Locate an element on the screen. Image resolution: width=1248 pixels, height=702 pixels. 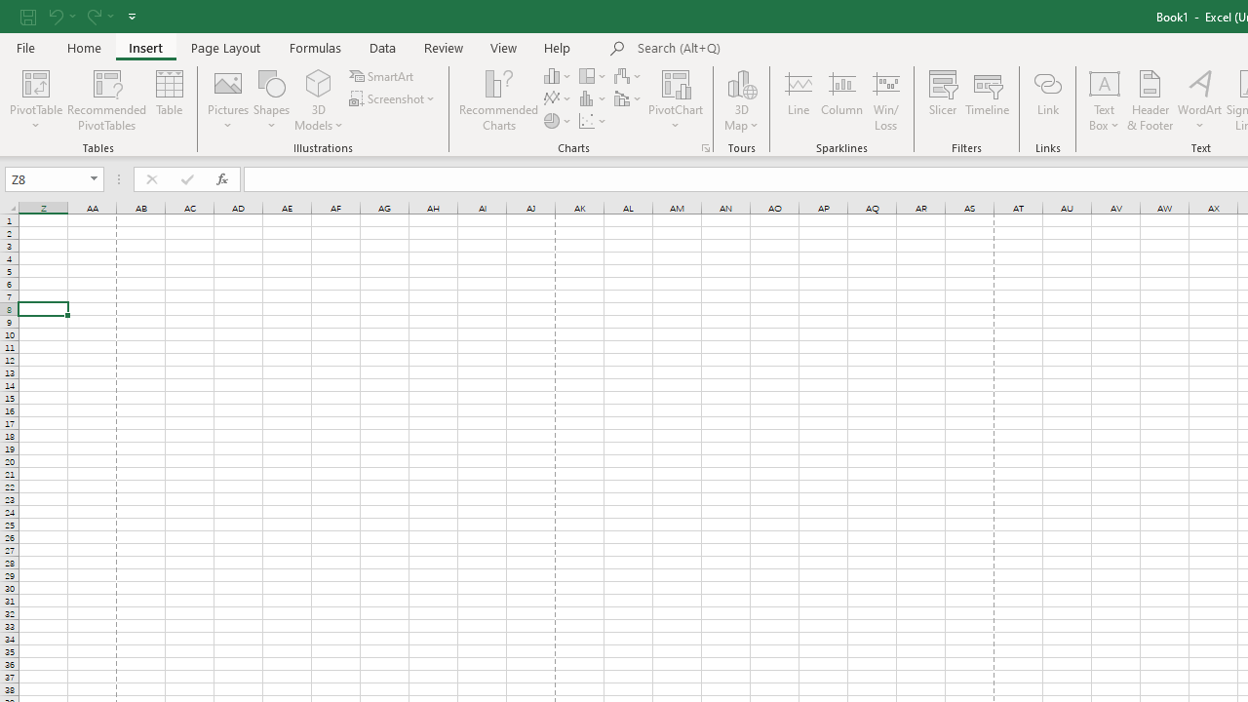
'Insert Combo Chart' is located at coordinates (629, 98).